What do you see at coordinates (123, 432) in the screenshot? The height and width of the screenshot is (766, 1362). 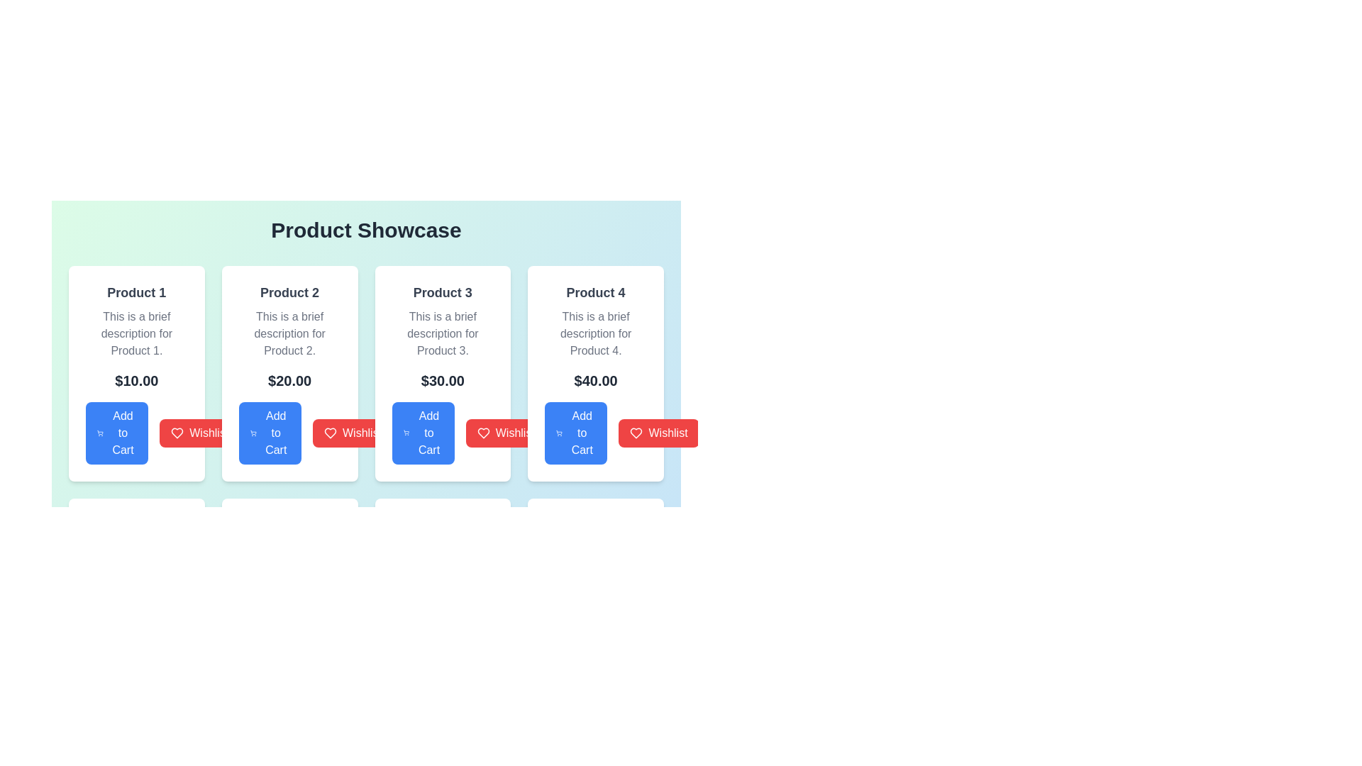 I see `the text label within the 'Add to Cart' button for 'Product 1'` at bounding box center [123, 432].